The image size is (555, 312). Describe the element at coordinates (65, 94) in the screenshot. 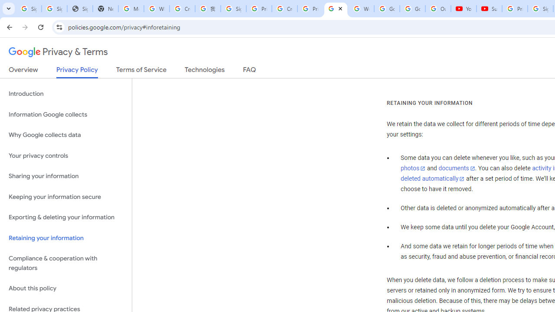

I see `'Introduction'` at that location.